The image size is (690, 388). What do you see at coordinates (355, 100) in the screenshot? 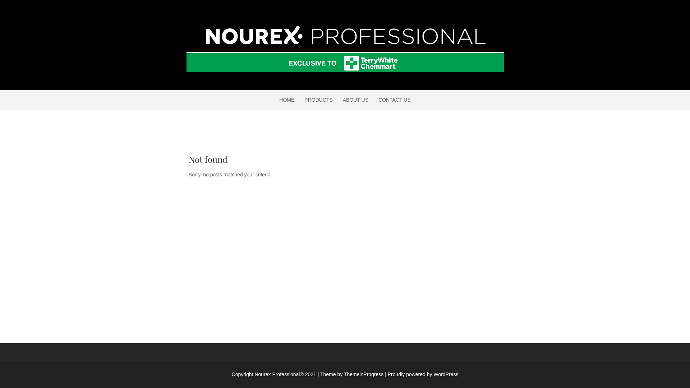
I see `'ABOUT US'` at bounding box center [355, 100].